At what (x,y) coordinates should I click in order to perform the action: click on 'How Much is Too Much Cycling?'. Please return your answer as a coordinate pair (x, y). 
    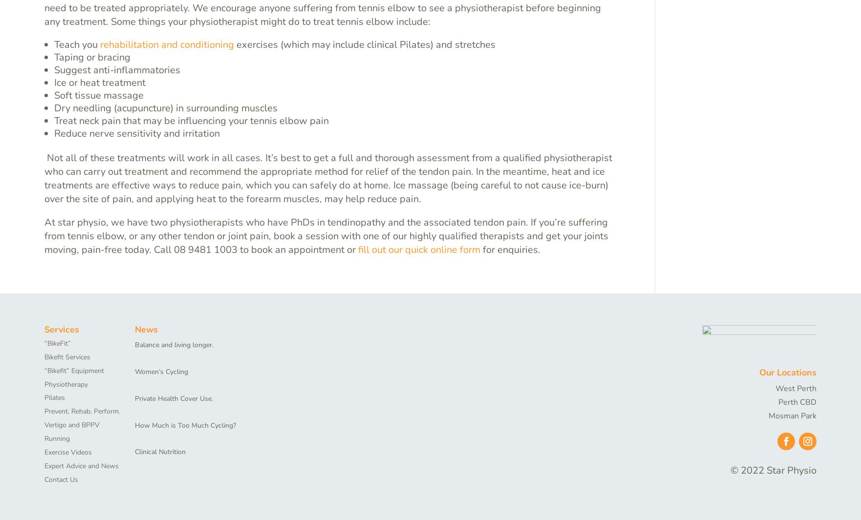
    Looking at the image, I should click on (185, 425).